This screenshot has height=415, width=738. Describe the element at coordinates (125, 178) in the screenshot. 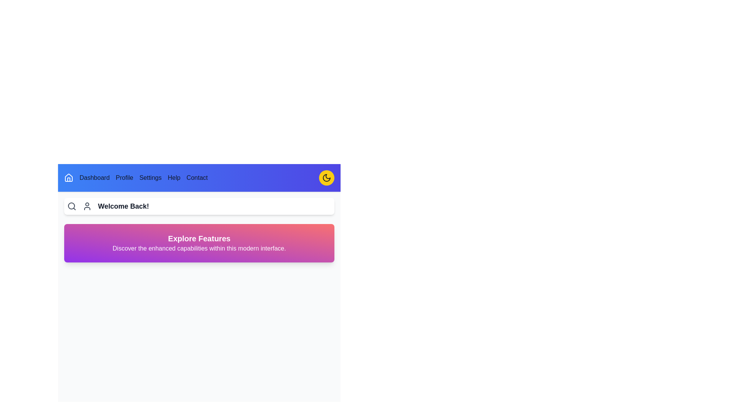

I see `the navigation menu item Profile` at that location.